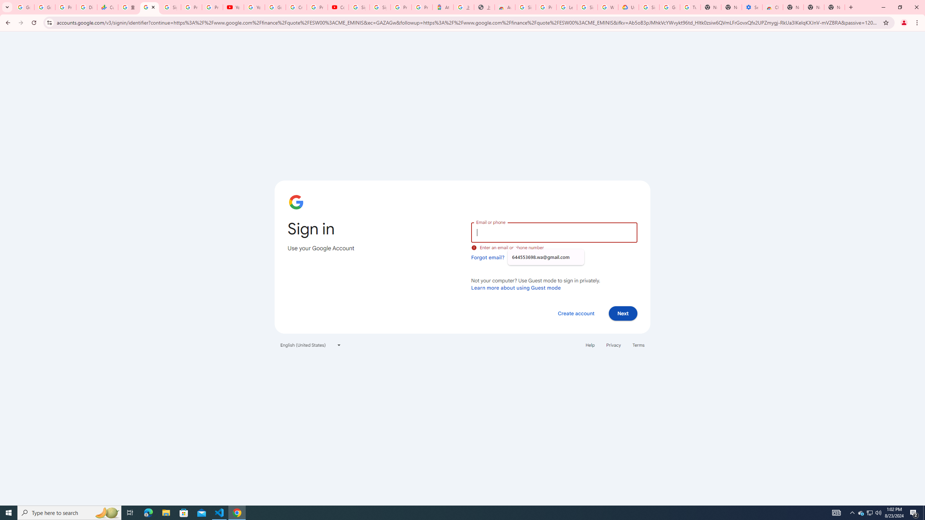 The height and width of the screenshot is (520, 925). What do you see at coordinates (233, 7) in the screenshot?
I see `'YouTube'` at bounding box center [233, 7].